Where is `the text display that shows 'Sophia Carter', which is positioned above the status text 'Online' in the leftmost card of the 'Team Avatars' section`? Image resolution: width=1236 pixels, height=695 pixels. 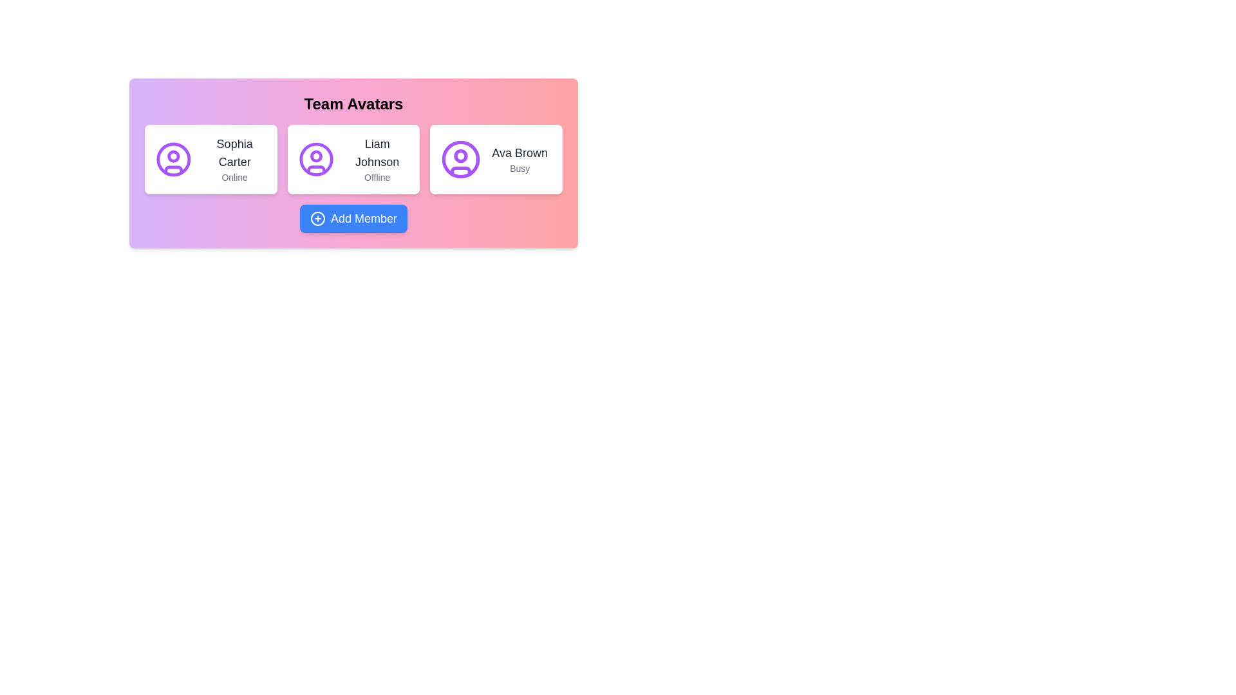
the text display that shows 'Sophia Carter', which is positioned above the status text 'Online' in the leftmost card of the 'Team Avatars' section is located at coordinates (234, 153).